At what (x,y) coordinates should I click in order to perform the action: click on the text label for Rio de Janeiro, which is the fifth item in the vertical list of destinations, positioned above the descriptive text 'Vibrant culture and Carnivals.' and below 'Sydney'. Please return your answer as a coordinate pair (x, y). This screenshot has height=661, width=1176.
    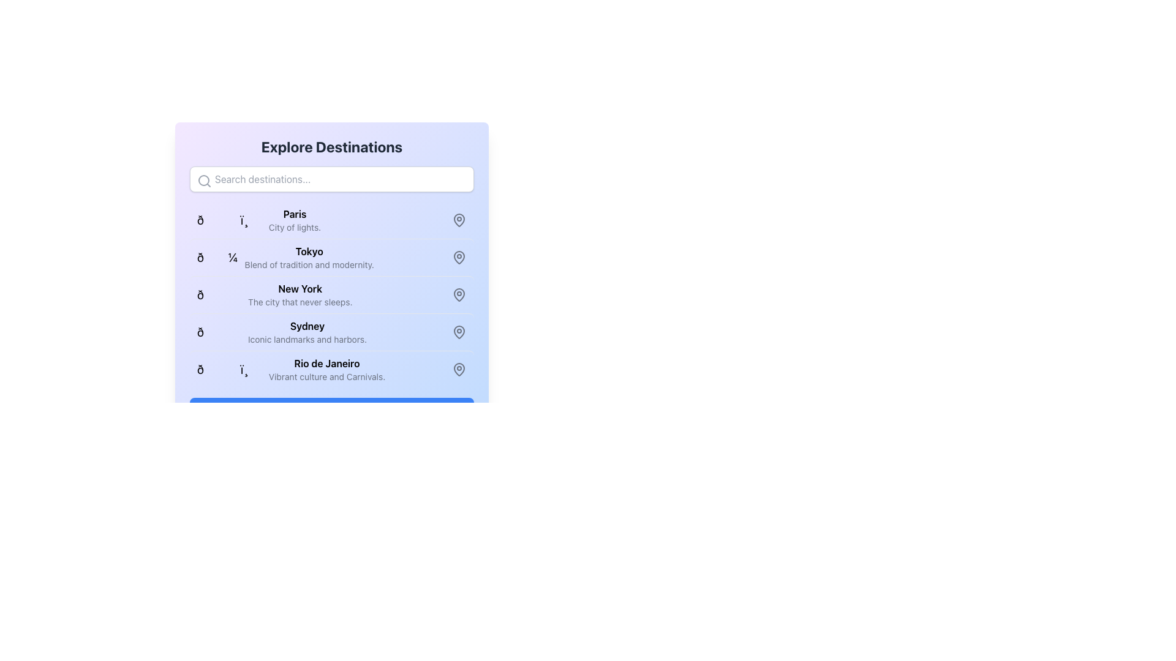
    Looking at the image, I should click on (327, 363).